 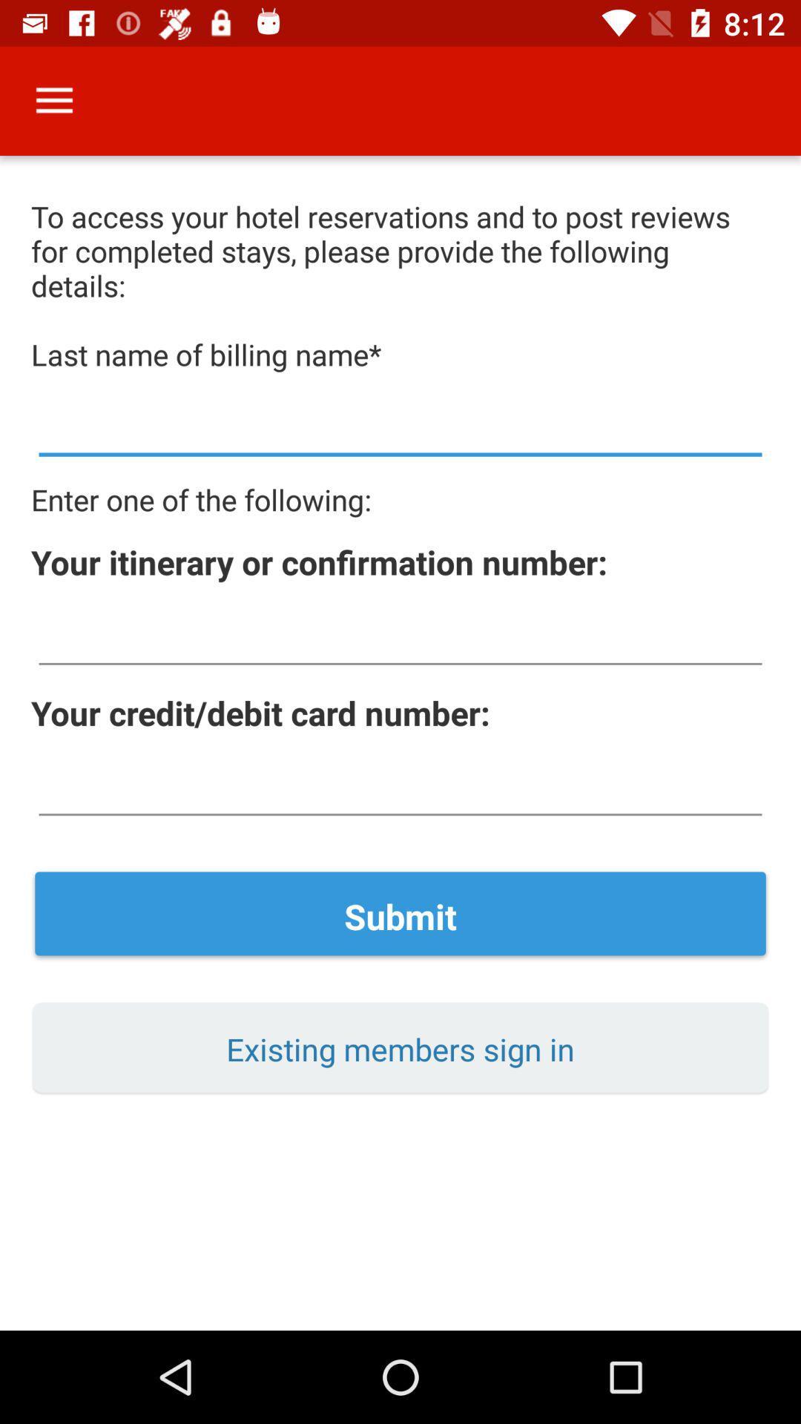 I want to click on the icon below the submit item, so click(x=400, y=1048).